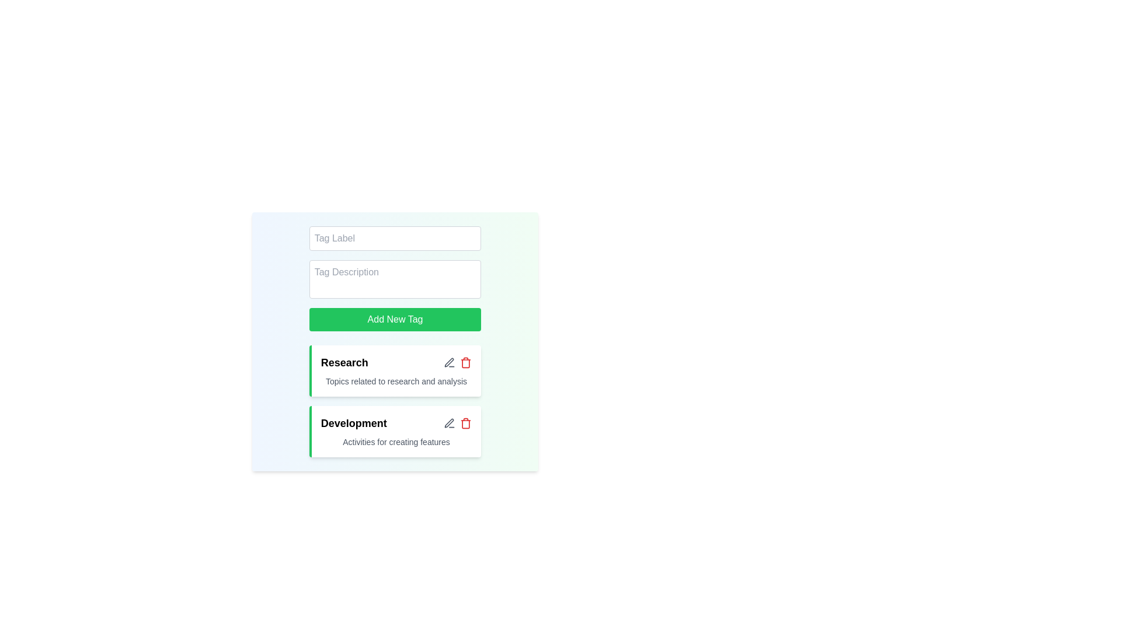 The image size is (1121, 630). I want to click on the pen icon in the control panel for the 'Research' item, so click(457, 362).